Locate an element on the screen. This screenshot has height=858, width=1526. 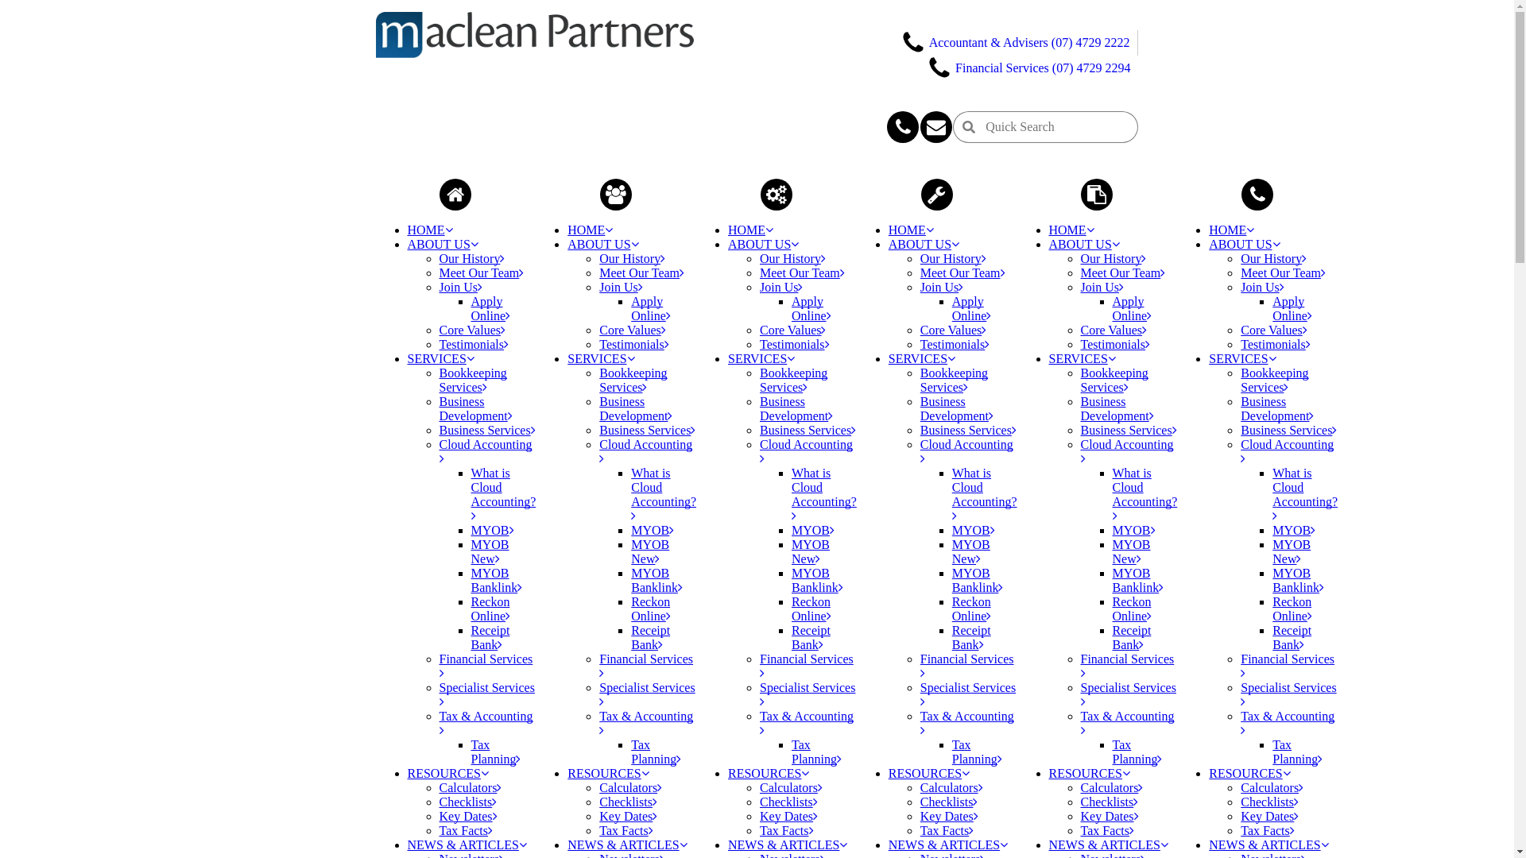
'Business Services' is located at coordinates (967, 430).